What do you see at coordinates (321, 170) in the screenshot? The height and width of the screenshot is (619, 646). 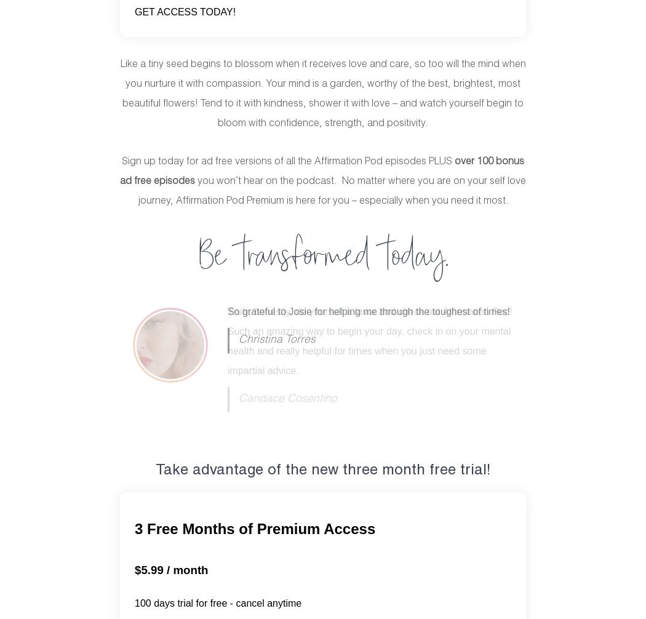 I see `'bonus ad free episodes'` at bounding box center [321, 170].